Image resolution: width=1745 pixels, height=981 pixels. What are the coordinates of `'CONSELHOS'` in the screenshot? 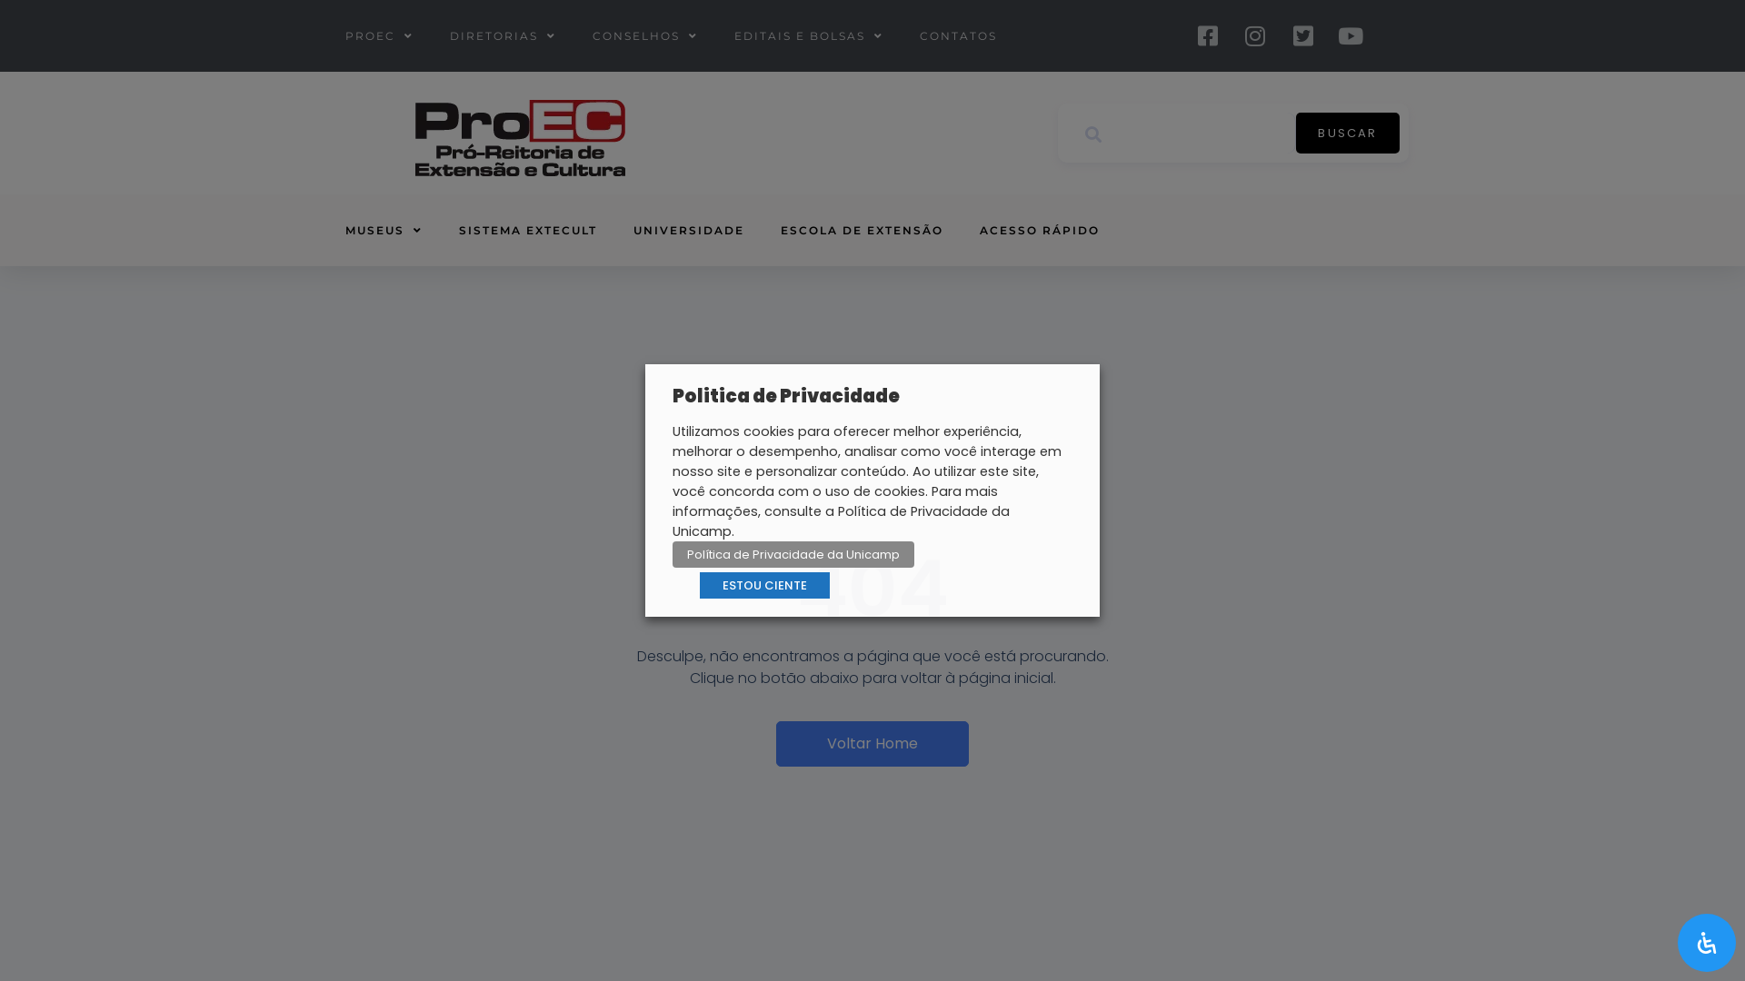 It's located at (573, 35).